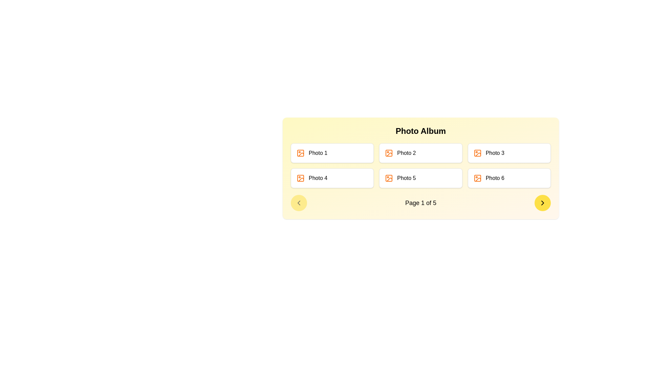 This screenshot has height=366, width=650. Describe the element at coordinates (406, 153) in the screenshot. I see `descriptive text label for the photo entry located in the second column of the first row, immediately to the right of the orange photo icon` at that location.